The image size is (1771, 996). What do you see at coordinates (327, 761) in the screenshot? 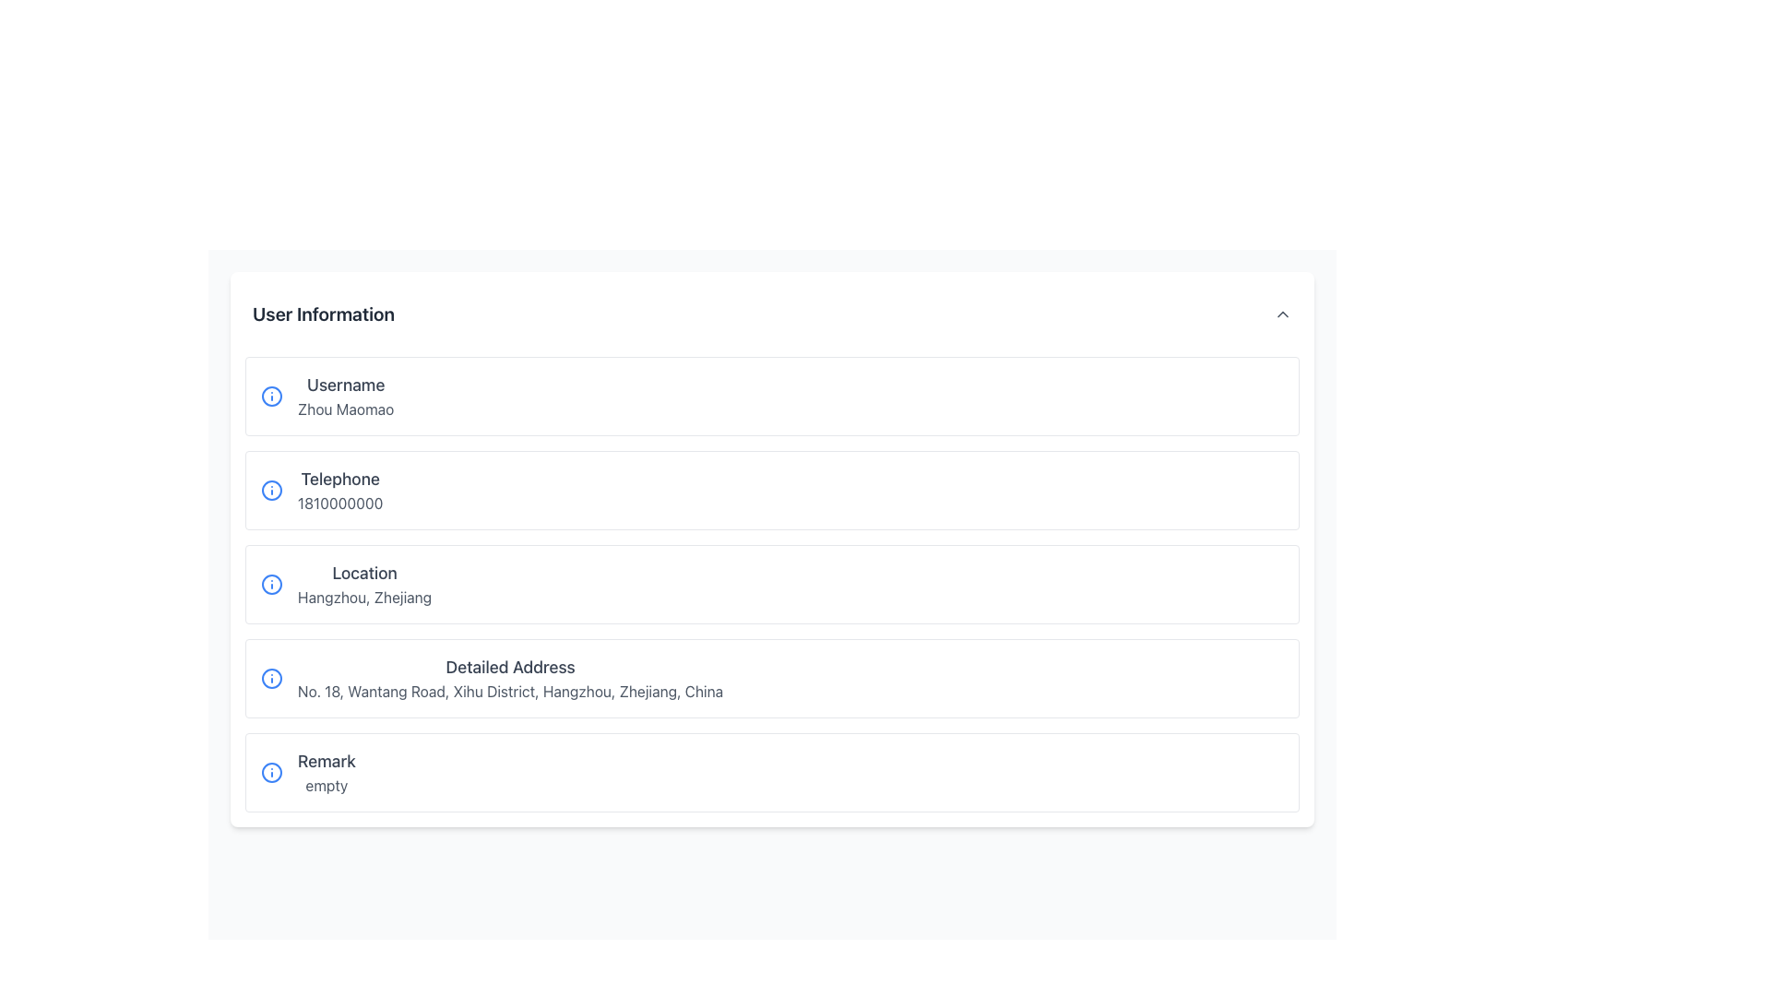
I see `the static text label 'Remark' which is prominently displayed in a larger font size and darker gray color, part of the user information section layout` at bounding box center [327, 761].